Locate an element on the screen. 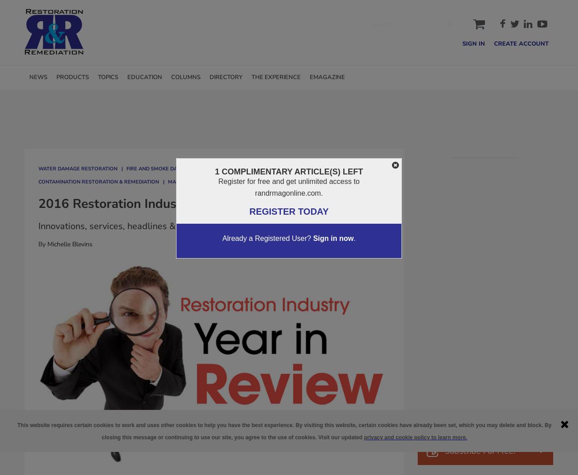 The height and width of the screenshot is (475, 578). 'Fire and Smoke Damage Restoration' is located at coordinates (178, 168).